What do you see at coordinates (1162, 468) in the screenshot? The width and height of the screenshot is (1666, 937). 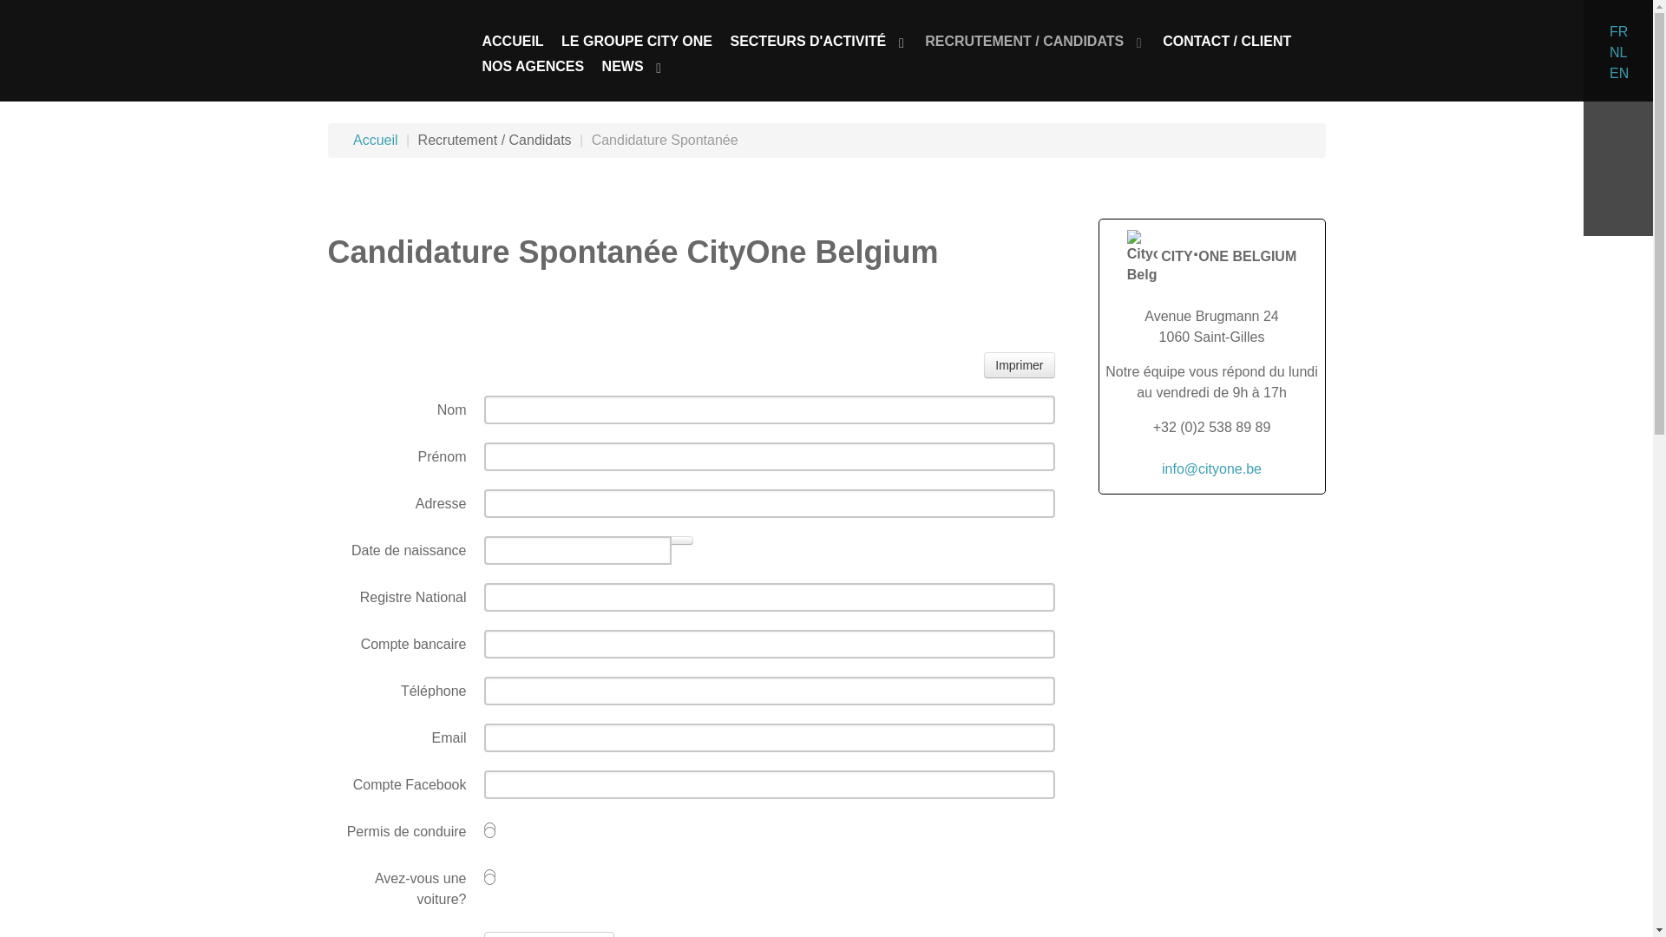 I see `'info@cityone.be'` at bounding box center [1162, 468].